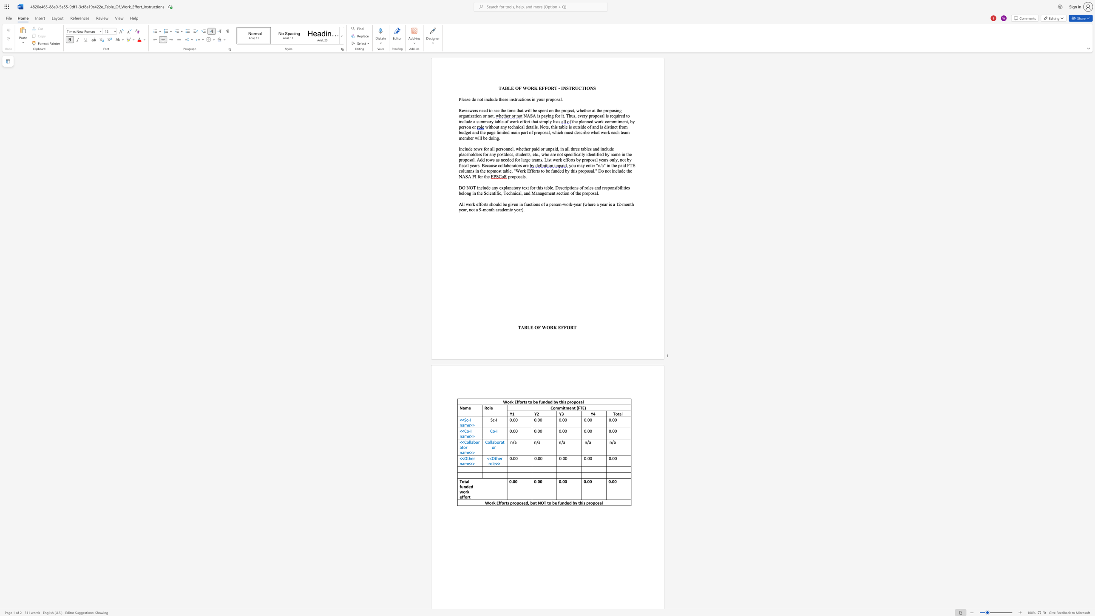 The image size is (1095, 616). I want to click on the subset text "on" within the text "the planned work commitment, by person or", so click(466, 127).